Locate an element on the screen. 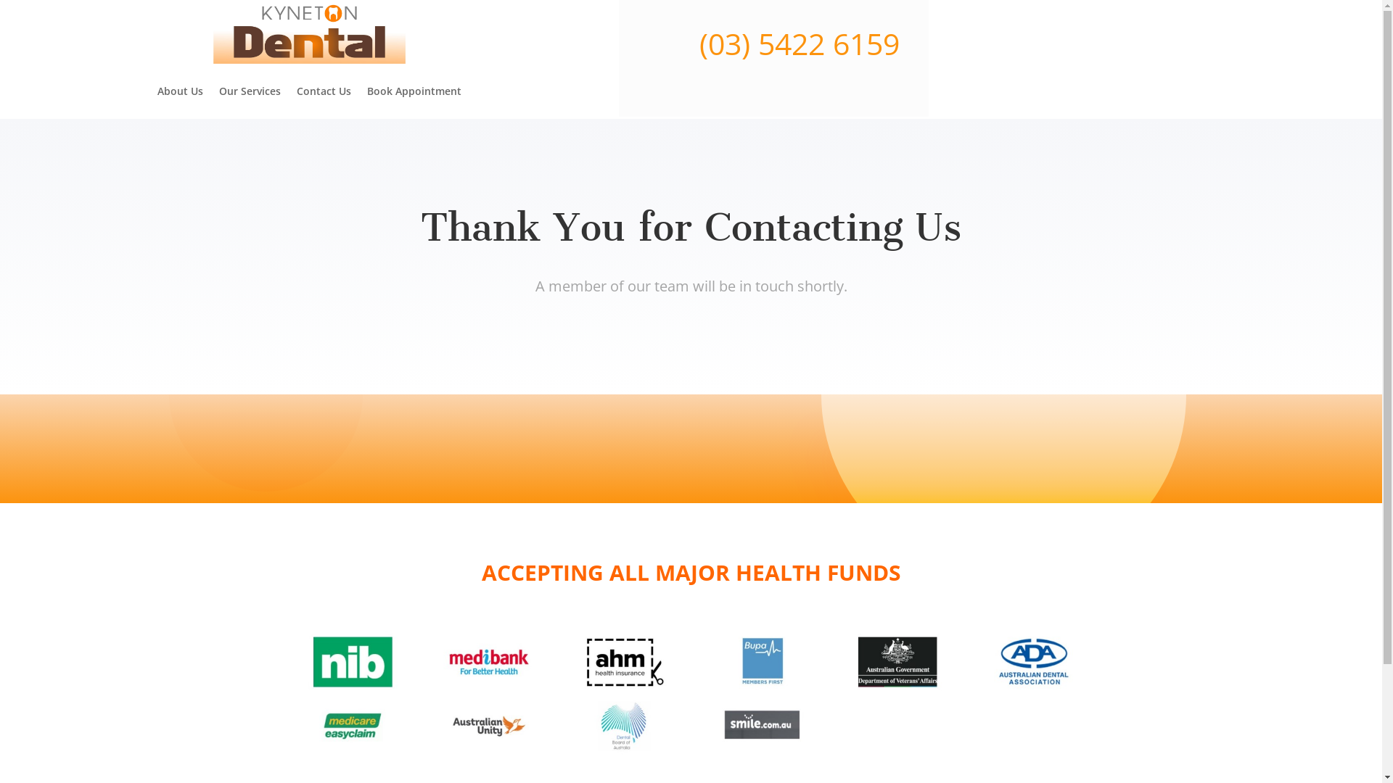  'Book Appointment' is located at coordinates (366, 91).